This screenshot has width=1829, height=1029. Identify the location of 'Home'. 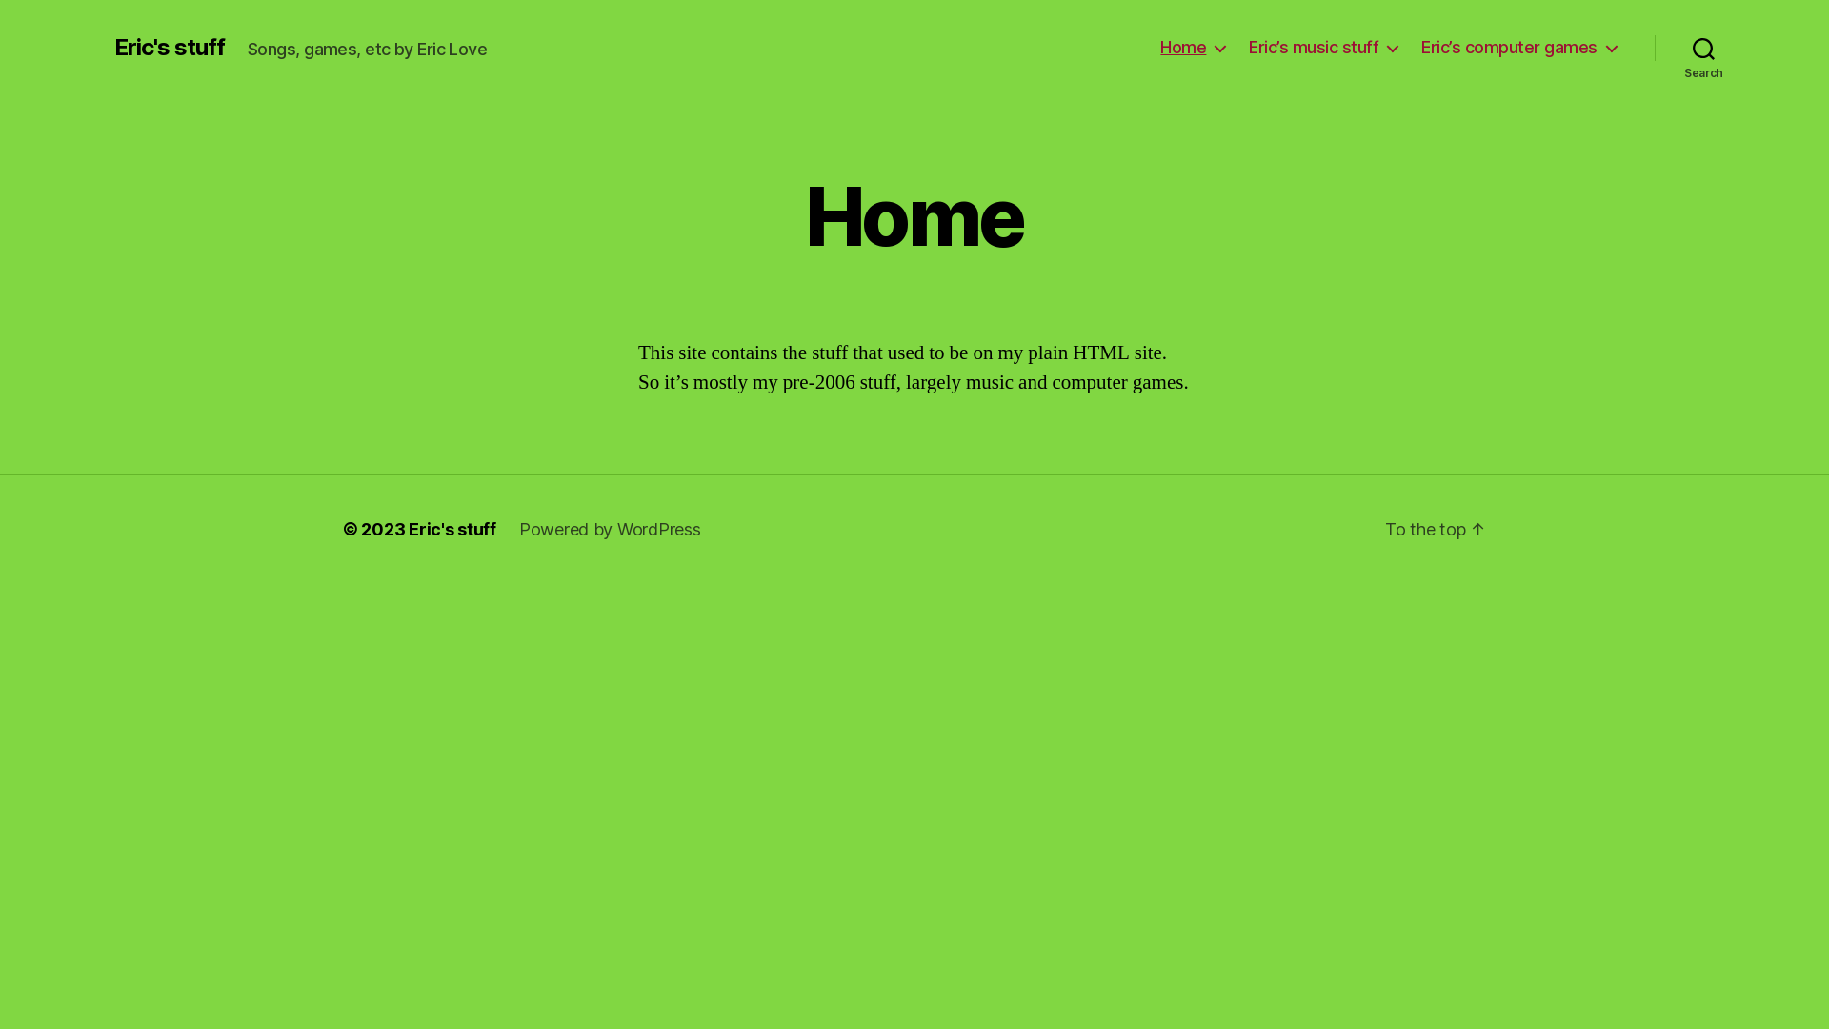
(1192, 47).